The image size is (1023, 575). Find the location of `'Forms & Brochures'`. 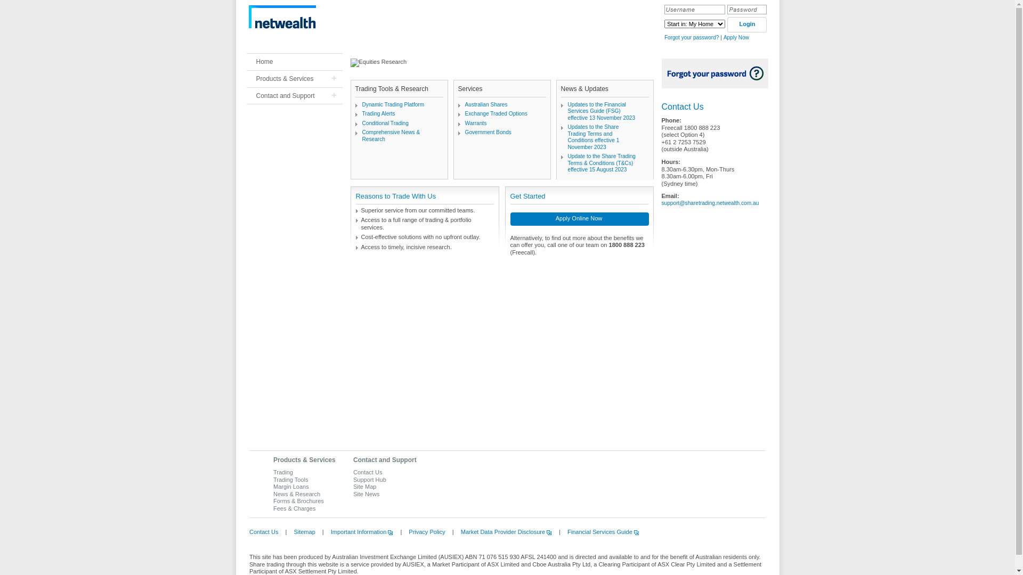

'Forms & Brochures' is located at coordinates (298, 501).